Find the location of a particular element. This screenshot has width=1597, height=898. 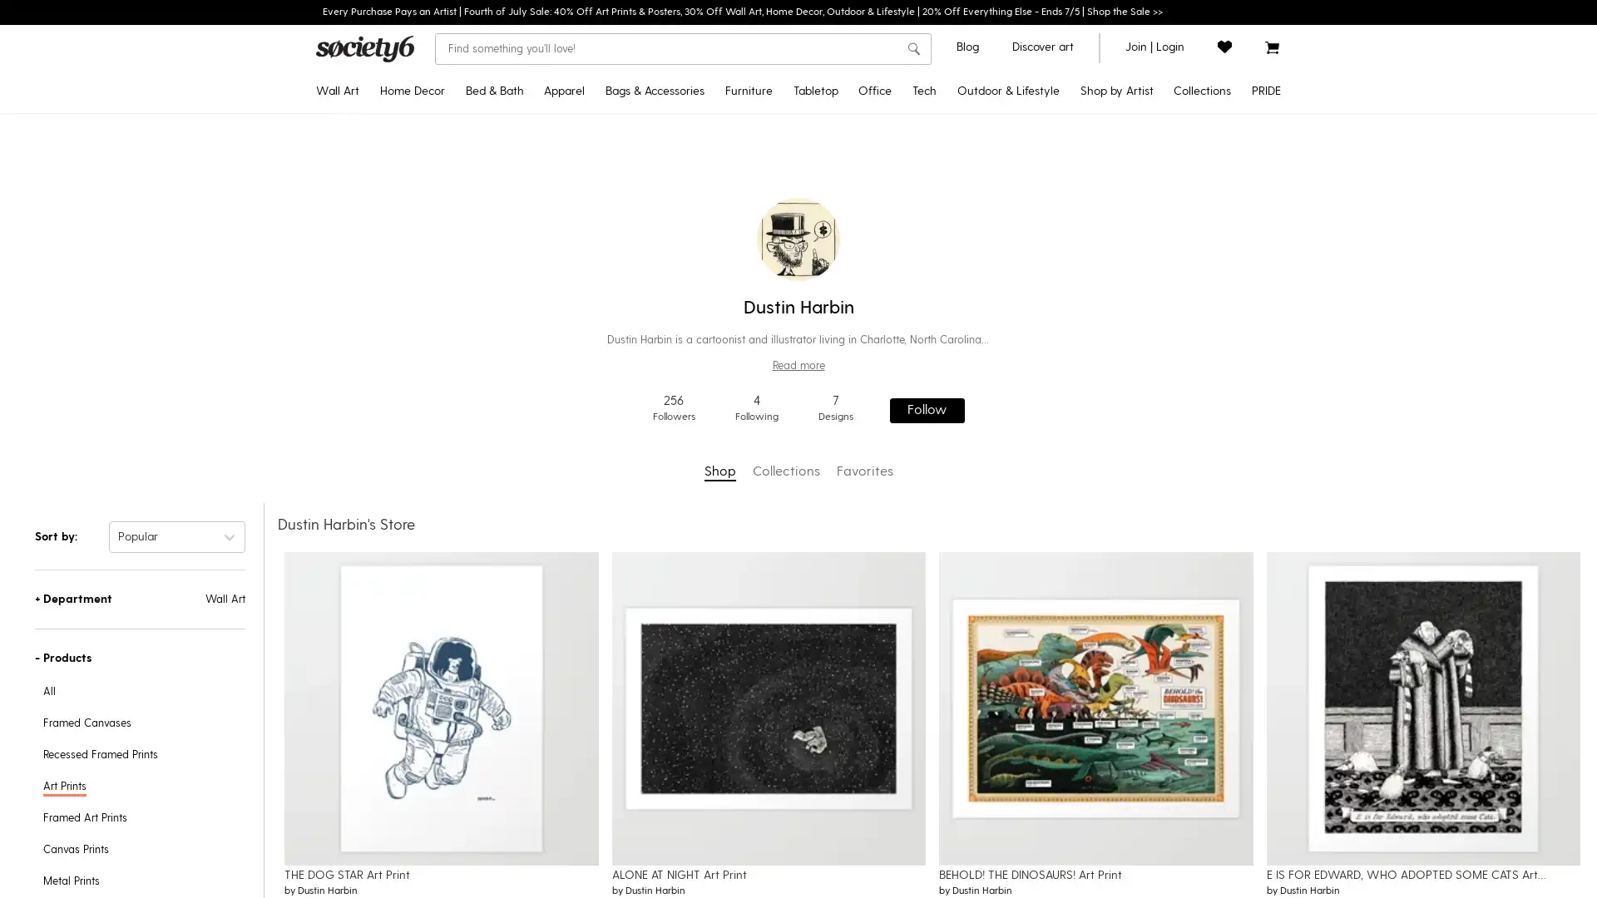

Sun Shades is located at coordinates (1030, 508).